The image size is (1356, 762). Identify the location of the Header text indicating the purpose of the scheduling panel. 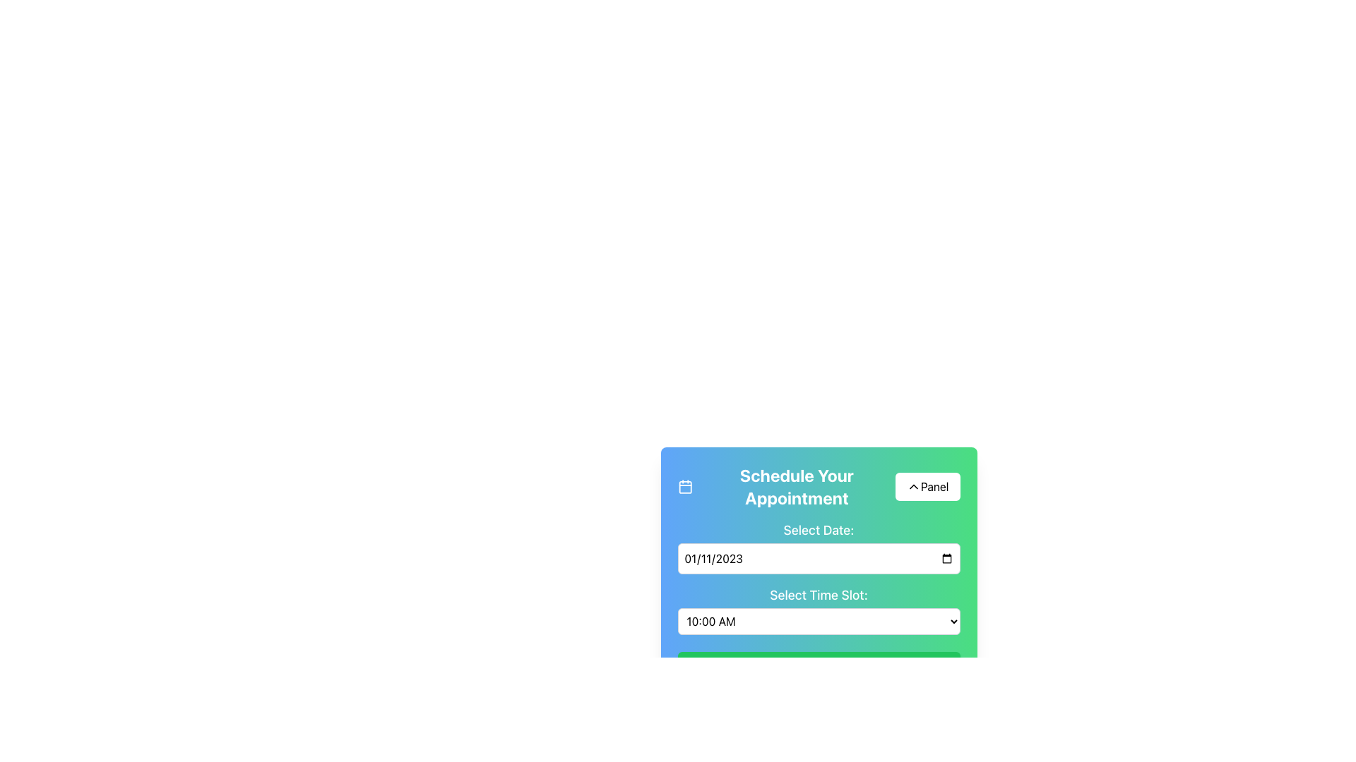
(785, 486).